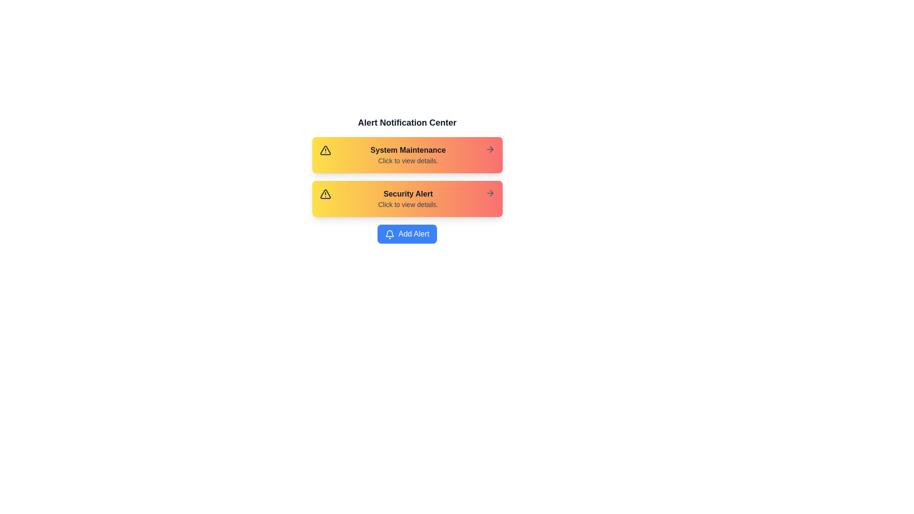  What do you see at coordinates (407, 234) in the screenshot?
I see `the 'Add Alert' button to add a new alert` at bounding box center [407, 234].